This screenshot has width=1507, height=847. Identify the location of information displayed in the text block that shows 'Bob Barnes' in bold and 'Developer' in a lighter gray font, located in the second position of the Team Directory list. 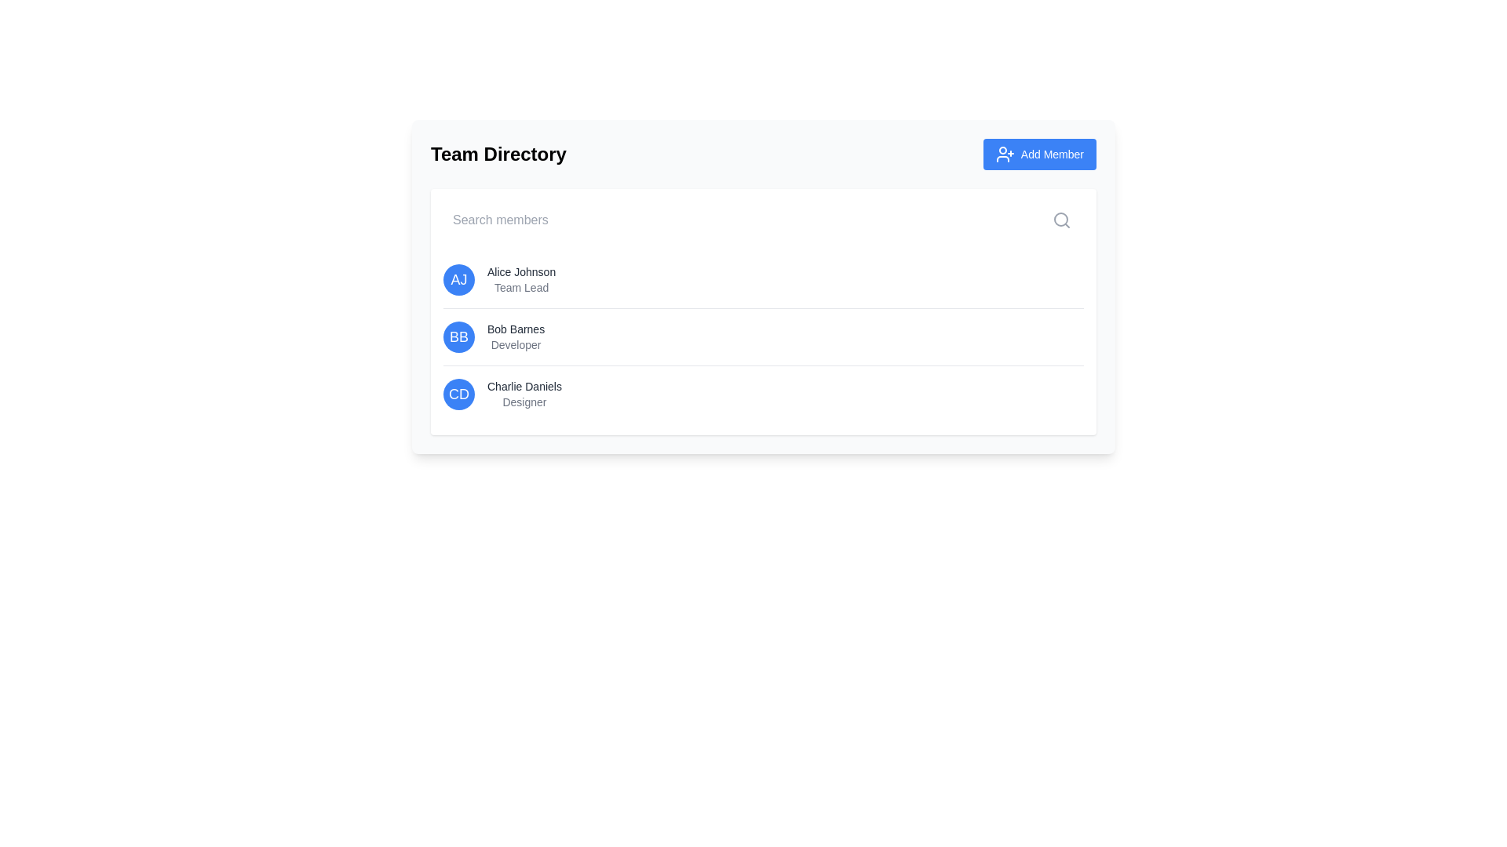
(516, 336).